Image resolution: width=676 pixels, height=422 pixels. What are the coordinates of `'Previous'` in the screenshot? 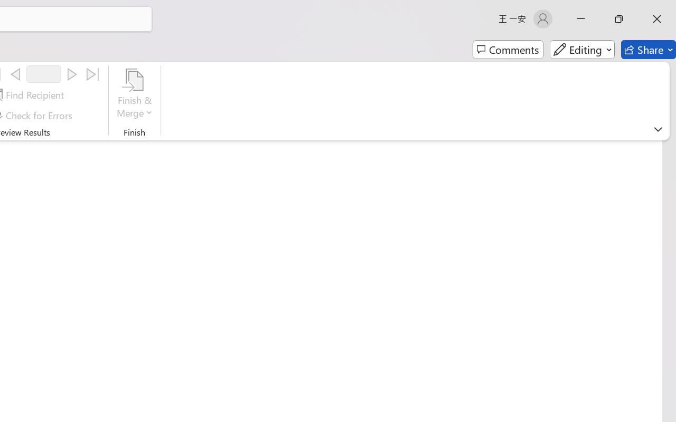 It's located at (15, 74).